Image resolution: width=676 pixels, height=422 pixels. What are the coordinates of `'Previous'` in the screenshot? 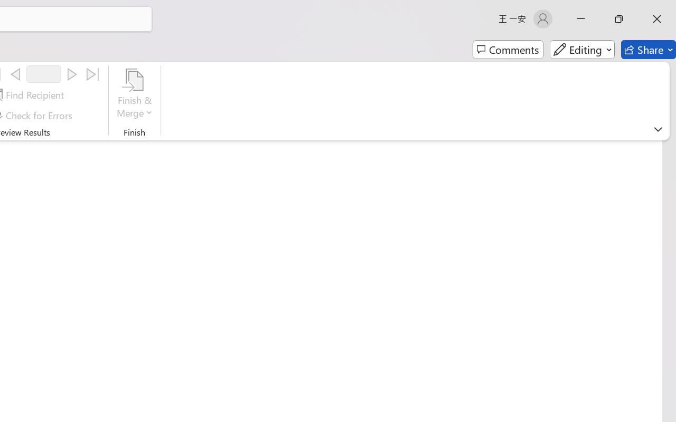 It's located at (15, 74).